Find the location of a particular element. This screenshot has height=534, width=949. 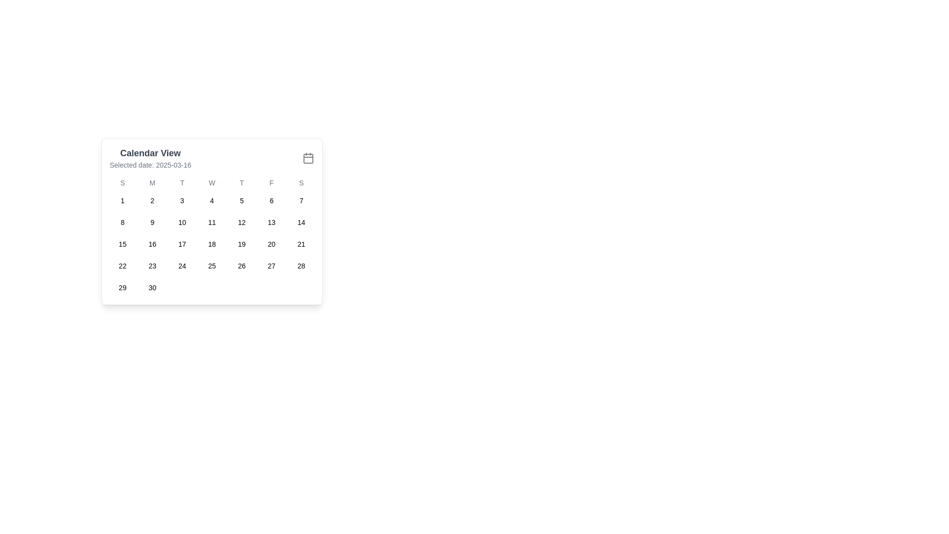

the date '13' button in the calendar located in the third row and sixth column, directly below the 'F' weekday label is located at coordinates (271, 222).